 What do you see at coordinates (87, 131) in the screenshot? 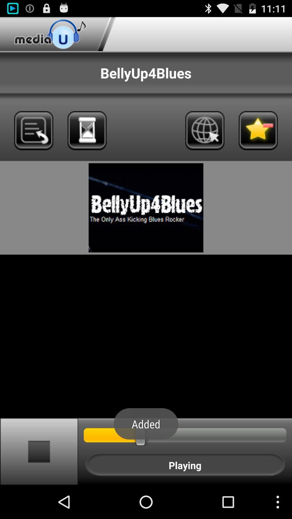
I see `go timier button` at bounding box center [87, 131].